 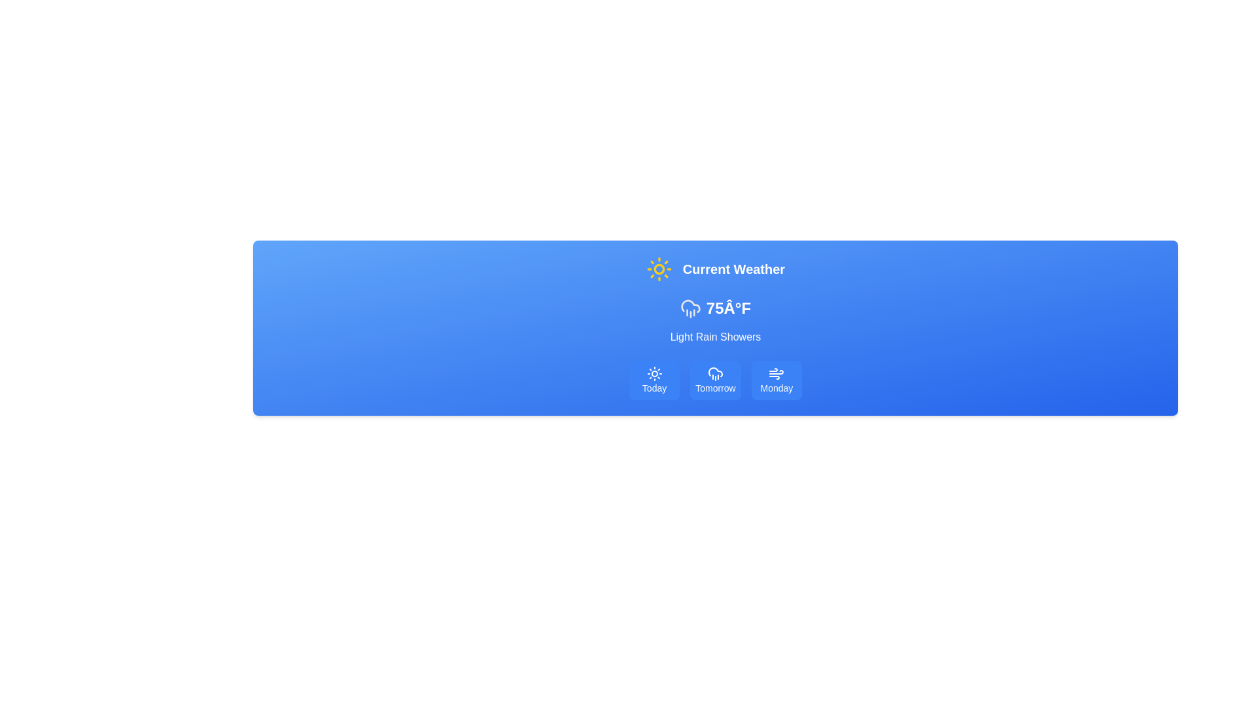 What do you see at coordinates (715, 269) in the screenshot?
I see `the 'Current Weather' text element with a yellow sun icon located at the top central part of a blue gradient card` at bounding box center [715, 269].